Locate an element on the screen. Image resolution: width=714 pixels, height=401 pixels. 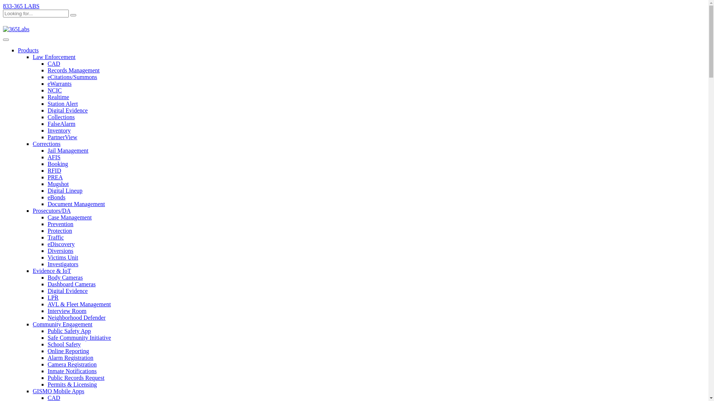
'PREA' is located at coordinates (55, 177).